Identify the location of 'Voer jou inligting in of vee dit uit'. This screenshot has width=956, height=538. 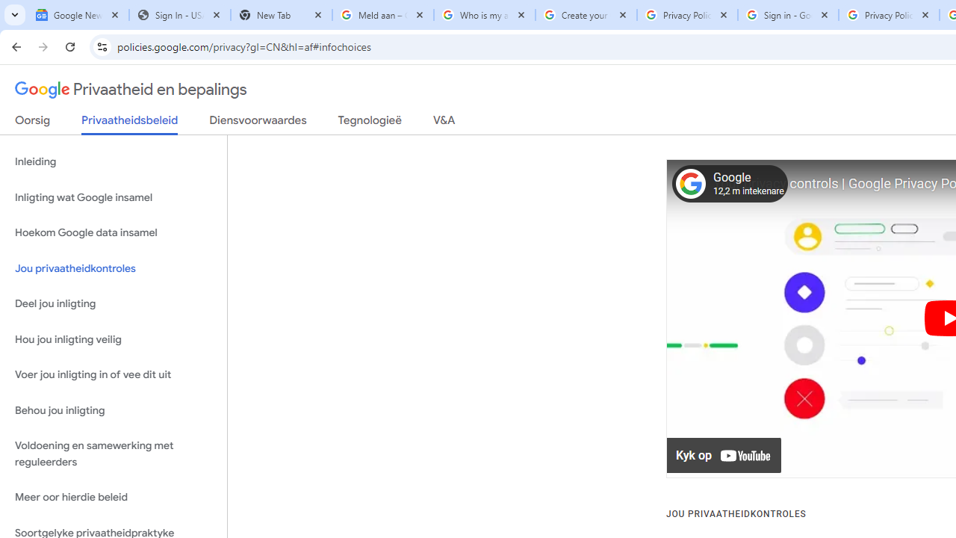
(113, 374).